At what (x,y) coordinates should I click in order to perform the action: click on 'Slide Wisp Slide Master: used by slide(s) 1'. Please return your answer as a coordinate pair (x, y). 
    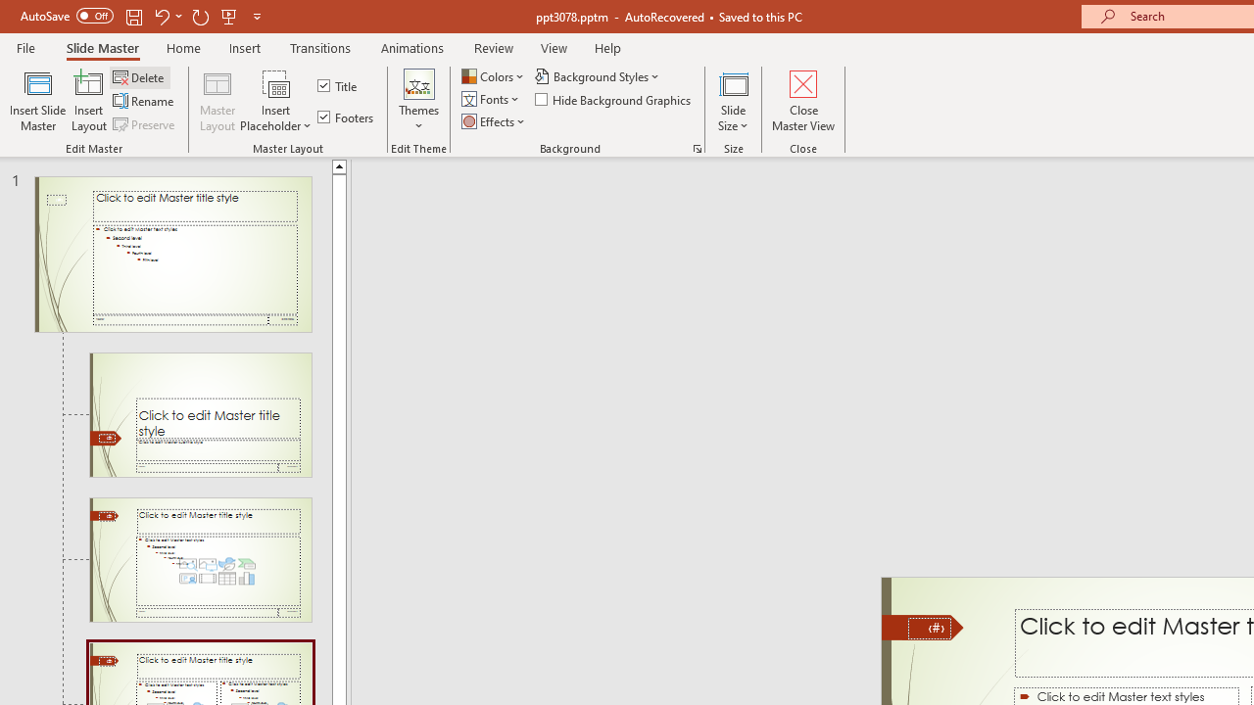
    Looking at the image, I should click on (172, 253).